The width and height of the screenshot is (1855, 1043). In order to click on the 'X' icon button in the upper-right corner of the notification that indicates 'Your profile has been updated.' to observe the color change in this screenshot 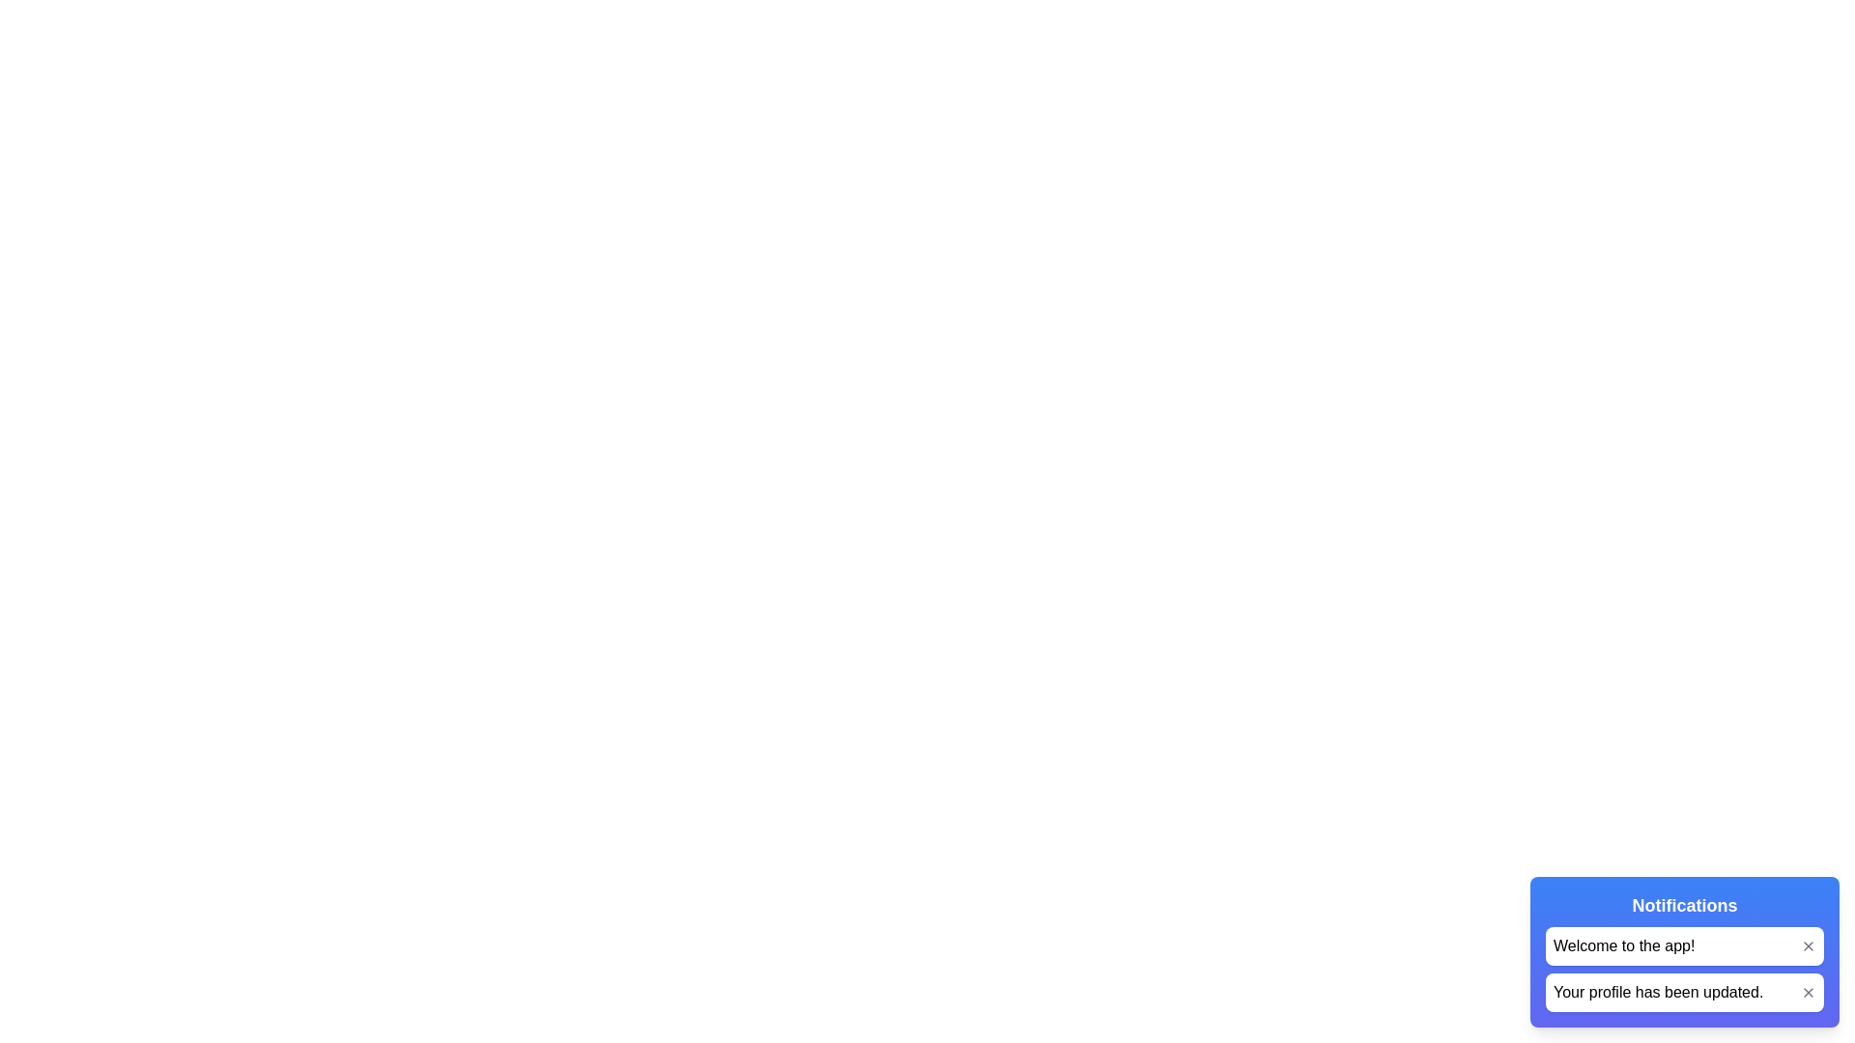, I will do `click(1808, 993)`.